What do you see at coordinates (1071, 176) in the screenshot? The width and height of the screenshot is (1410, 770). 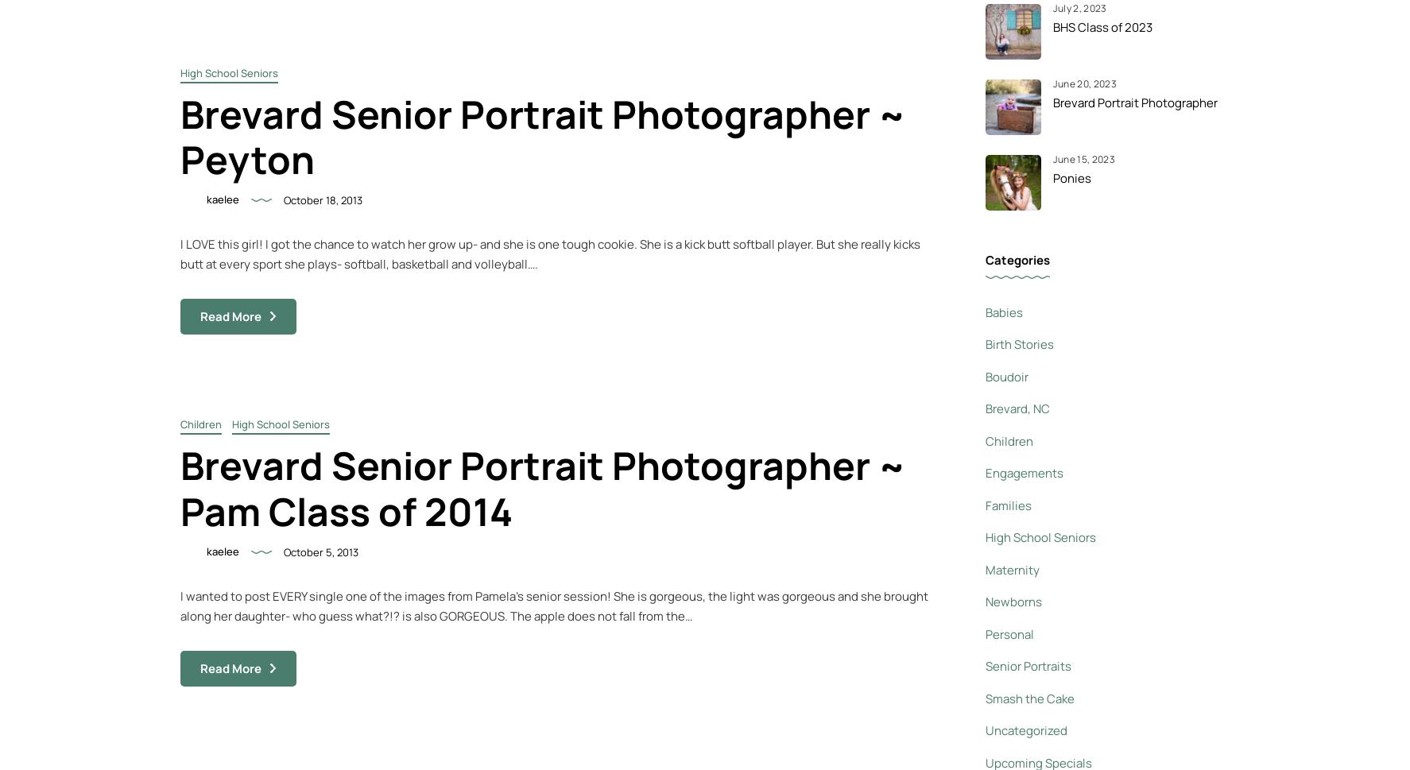 I see `'Ponies'` at bounding box center [1071, 176].